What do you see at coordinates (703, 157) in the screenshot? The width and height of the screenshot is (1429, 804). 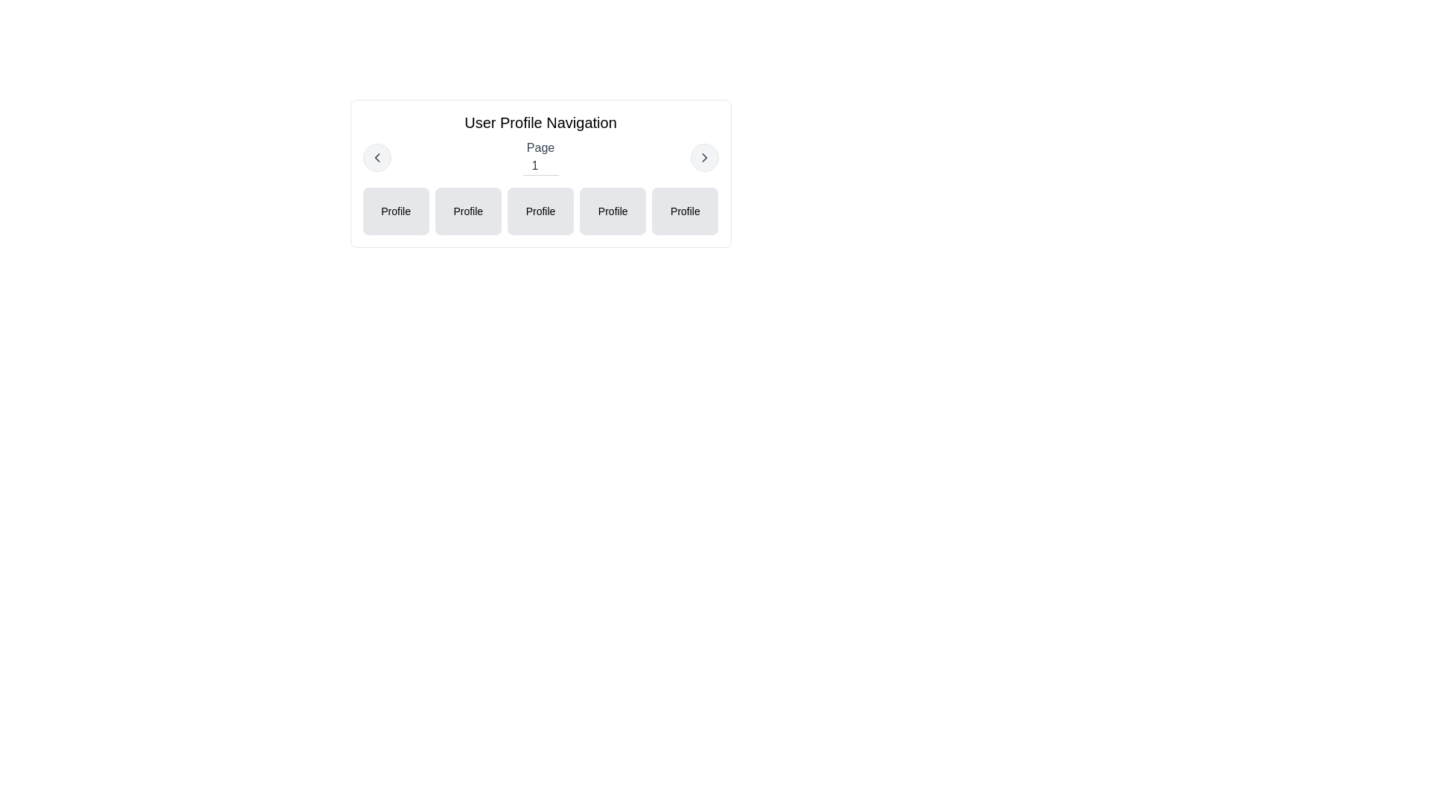 I see `the right arrow button in the navigation area to proceed to the next set of profiles or items` at bounding box center [703, 157].